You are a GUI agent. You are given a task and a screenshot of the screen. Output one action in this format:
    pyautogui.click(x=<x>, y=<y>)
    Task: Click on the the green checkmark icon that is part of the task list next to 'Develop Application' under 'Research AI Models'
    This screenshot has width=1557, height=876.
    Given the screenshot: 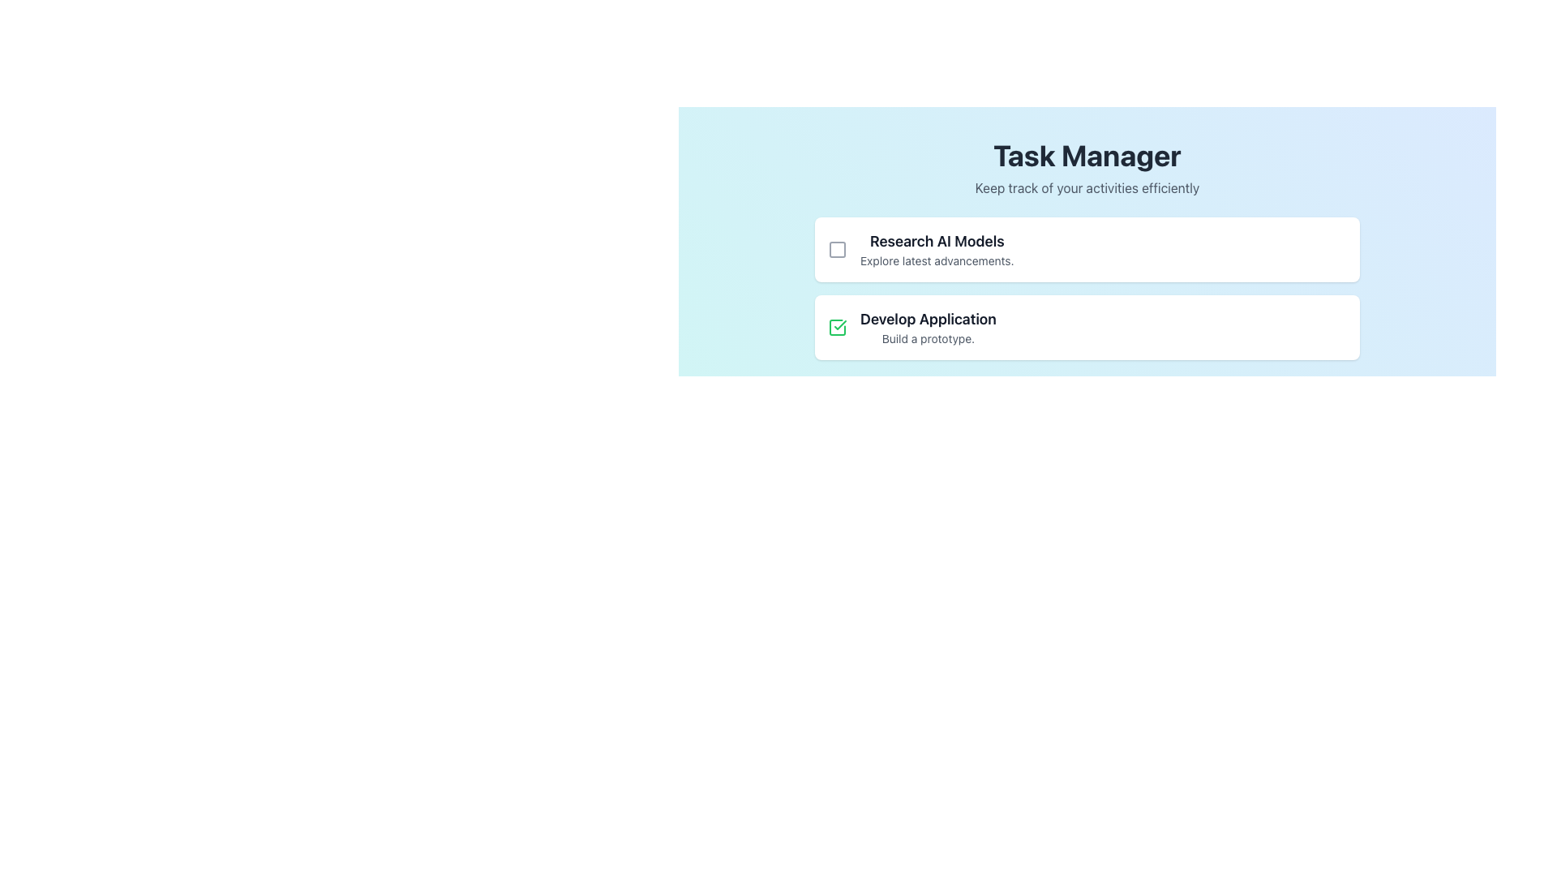 What is the action you would take?
    pyautogui.click(x=840, y=325)
    